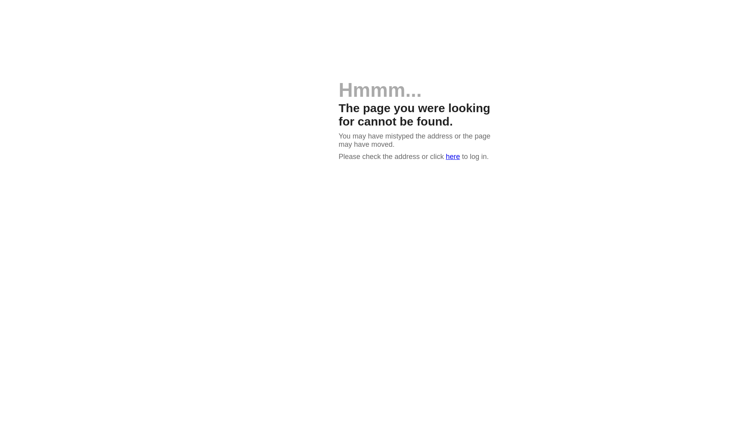 The width and height of the screenshot is (756, 425). I want to click on 'here', so click(453, 156).